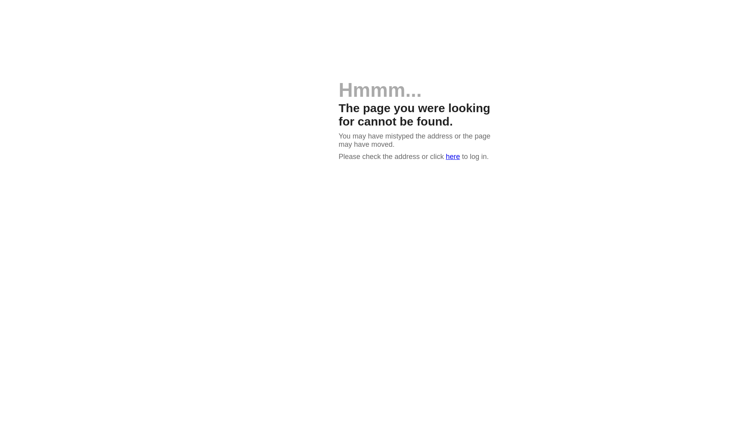 The width and height of the screenshot is (756, 425). I want to click on 'here', so click(453, 156).